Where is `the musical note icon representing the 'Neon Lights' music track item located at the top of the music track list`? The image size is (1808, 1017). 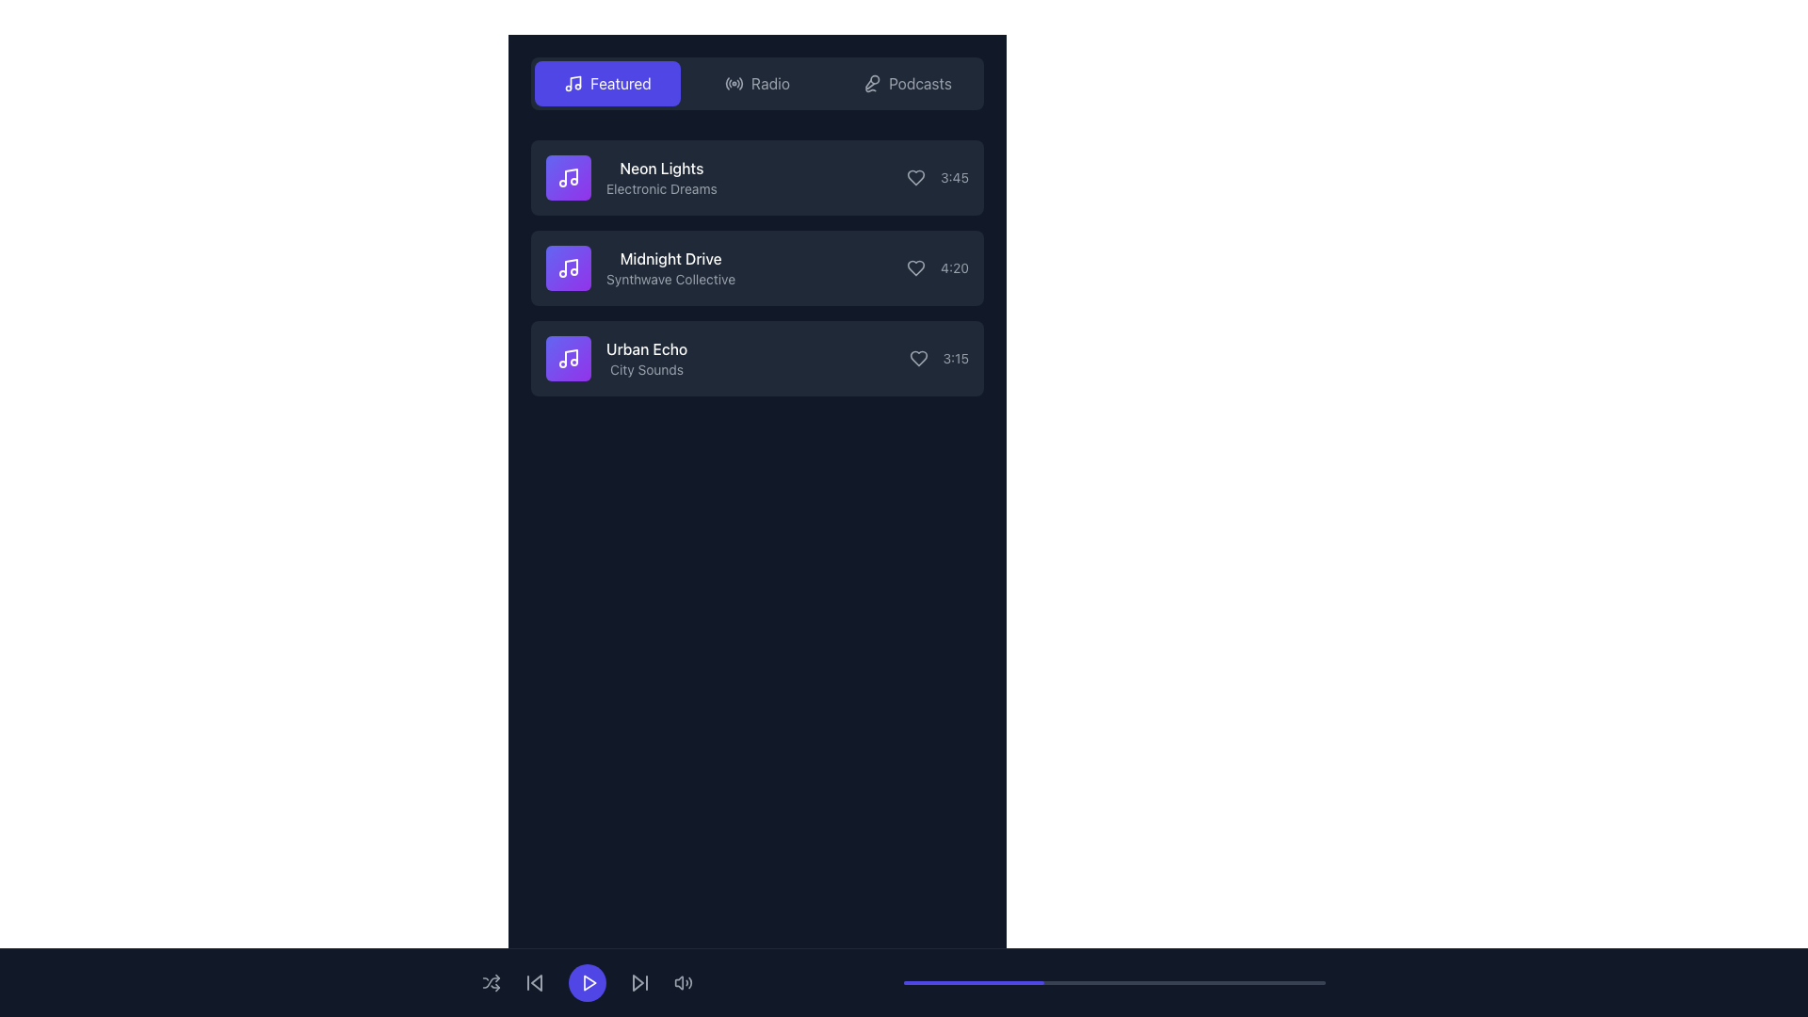 the musical note icon representing the 'Neon Lights' music track item located at the top of the music track list is located at coordinates (568, 178).